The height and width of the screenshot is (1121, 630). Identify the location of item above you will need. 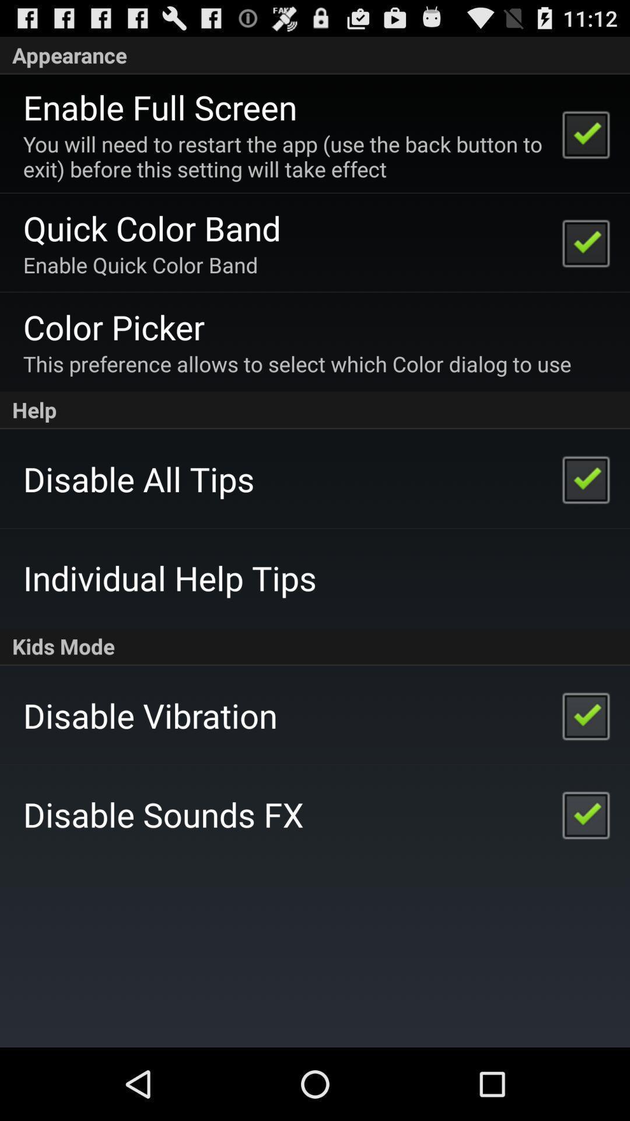
(160, 107).